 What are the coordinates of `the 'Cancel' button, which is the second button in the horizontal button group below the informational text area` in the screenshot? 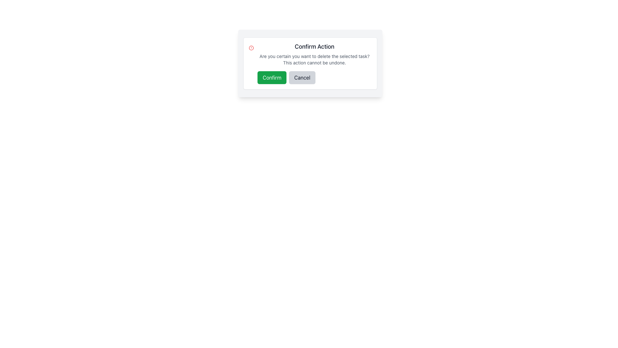 It's located at (302, 77).